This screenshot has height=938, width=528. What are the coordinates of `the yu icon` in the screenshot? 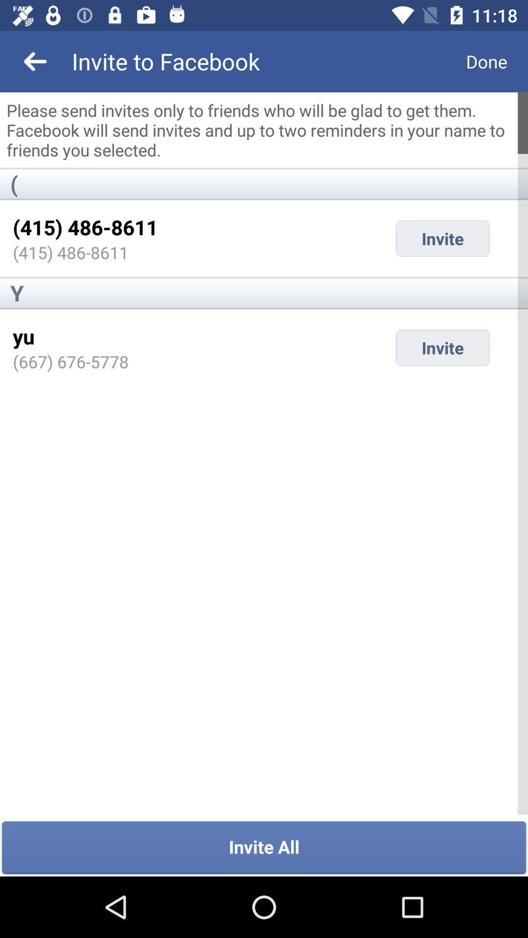 It's located at (23, 336).